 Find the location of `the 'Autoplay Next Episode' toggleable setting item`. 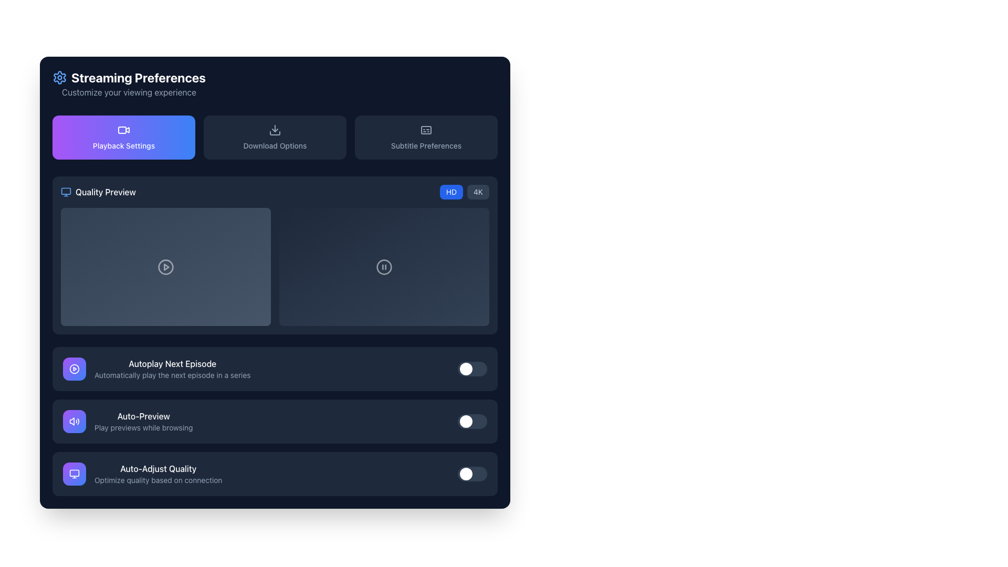

the 'Autoplay Next Episode' toggleable setting item is located at coordinates (275, 368).